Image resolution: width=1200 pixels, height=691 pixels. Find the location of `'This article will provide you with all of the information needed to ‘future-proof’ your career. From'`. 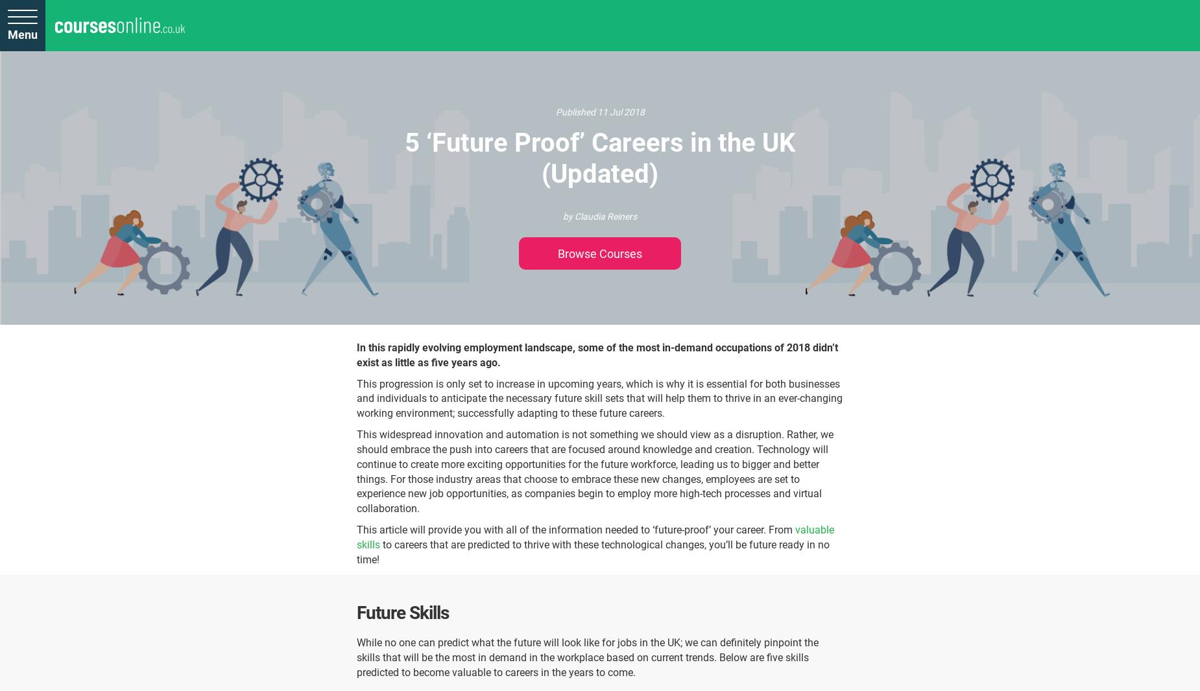

'This article will provide you with all of the information needed to ‘future-proof’ your career. From' is located at coordinates (576, 530).